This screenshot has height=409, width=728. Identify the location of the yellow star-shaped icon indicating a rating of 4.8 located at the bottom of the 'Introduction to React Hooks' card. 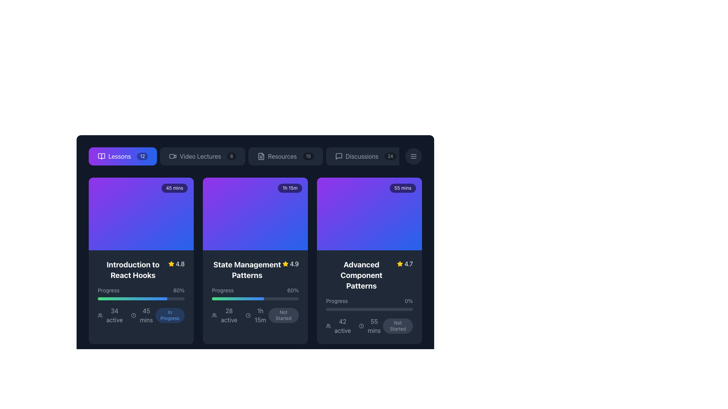
(171, 264).